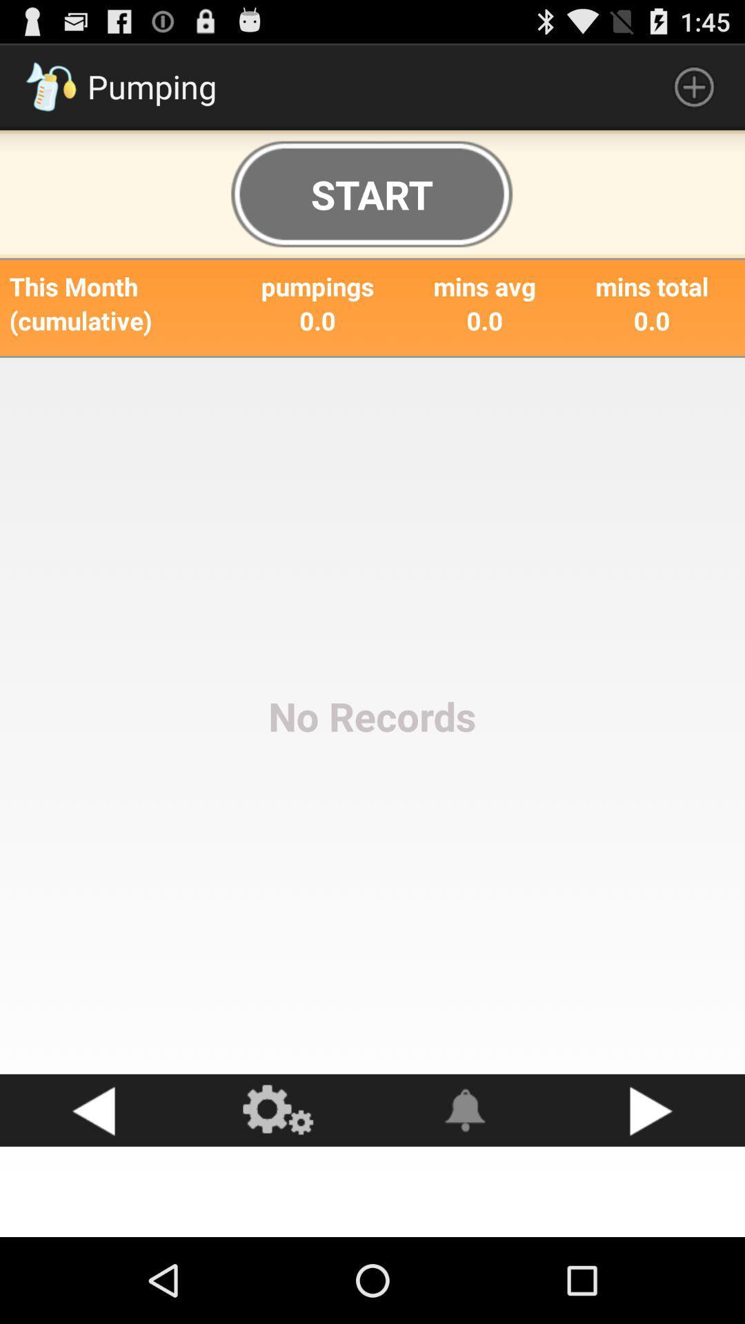  What do you see at coordinates (466, 1110) in the screenshot?
I see `set an alert` at bounding box center [466, 1110].